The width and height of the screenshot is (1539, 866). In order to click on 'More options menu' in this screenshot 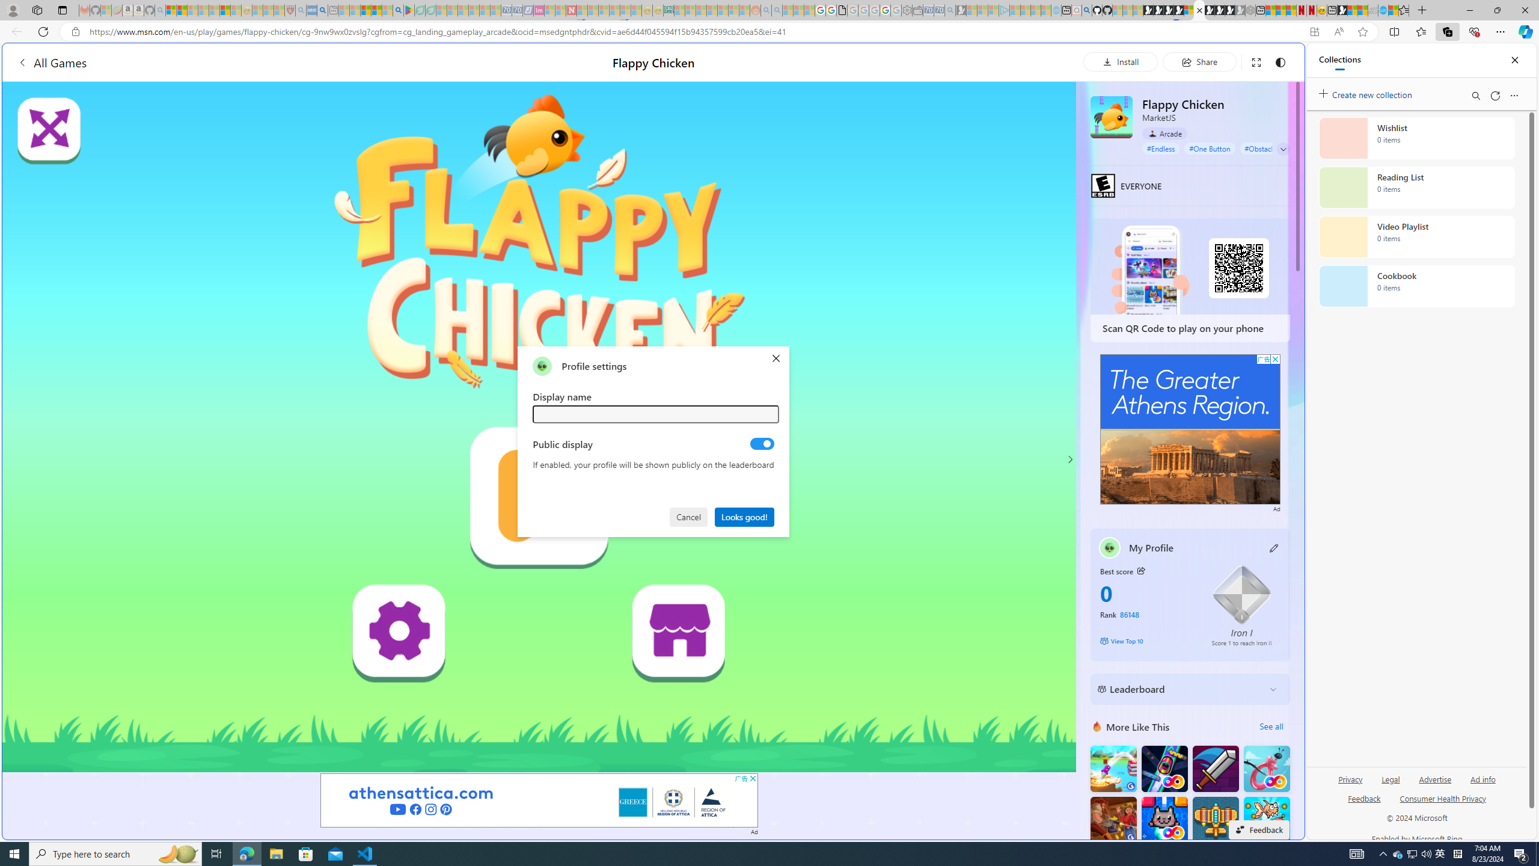, I will do `click(1514, 95)`.